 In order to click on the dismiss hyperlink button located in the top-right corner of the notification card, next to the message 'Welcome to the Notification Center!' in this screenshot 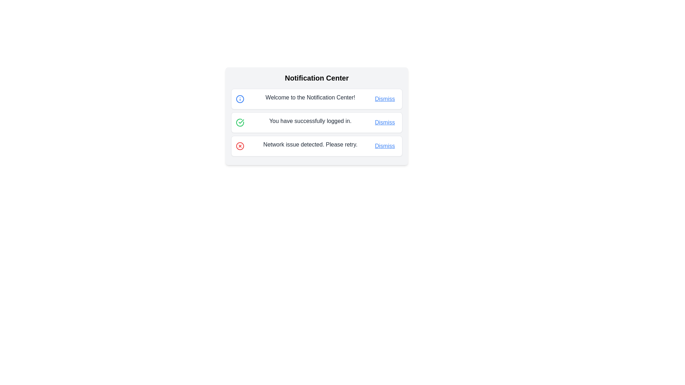, I will do `click(385, 99)`.